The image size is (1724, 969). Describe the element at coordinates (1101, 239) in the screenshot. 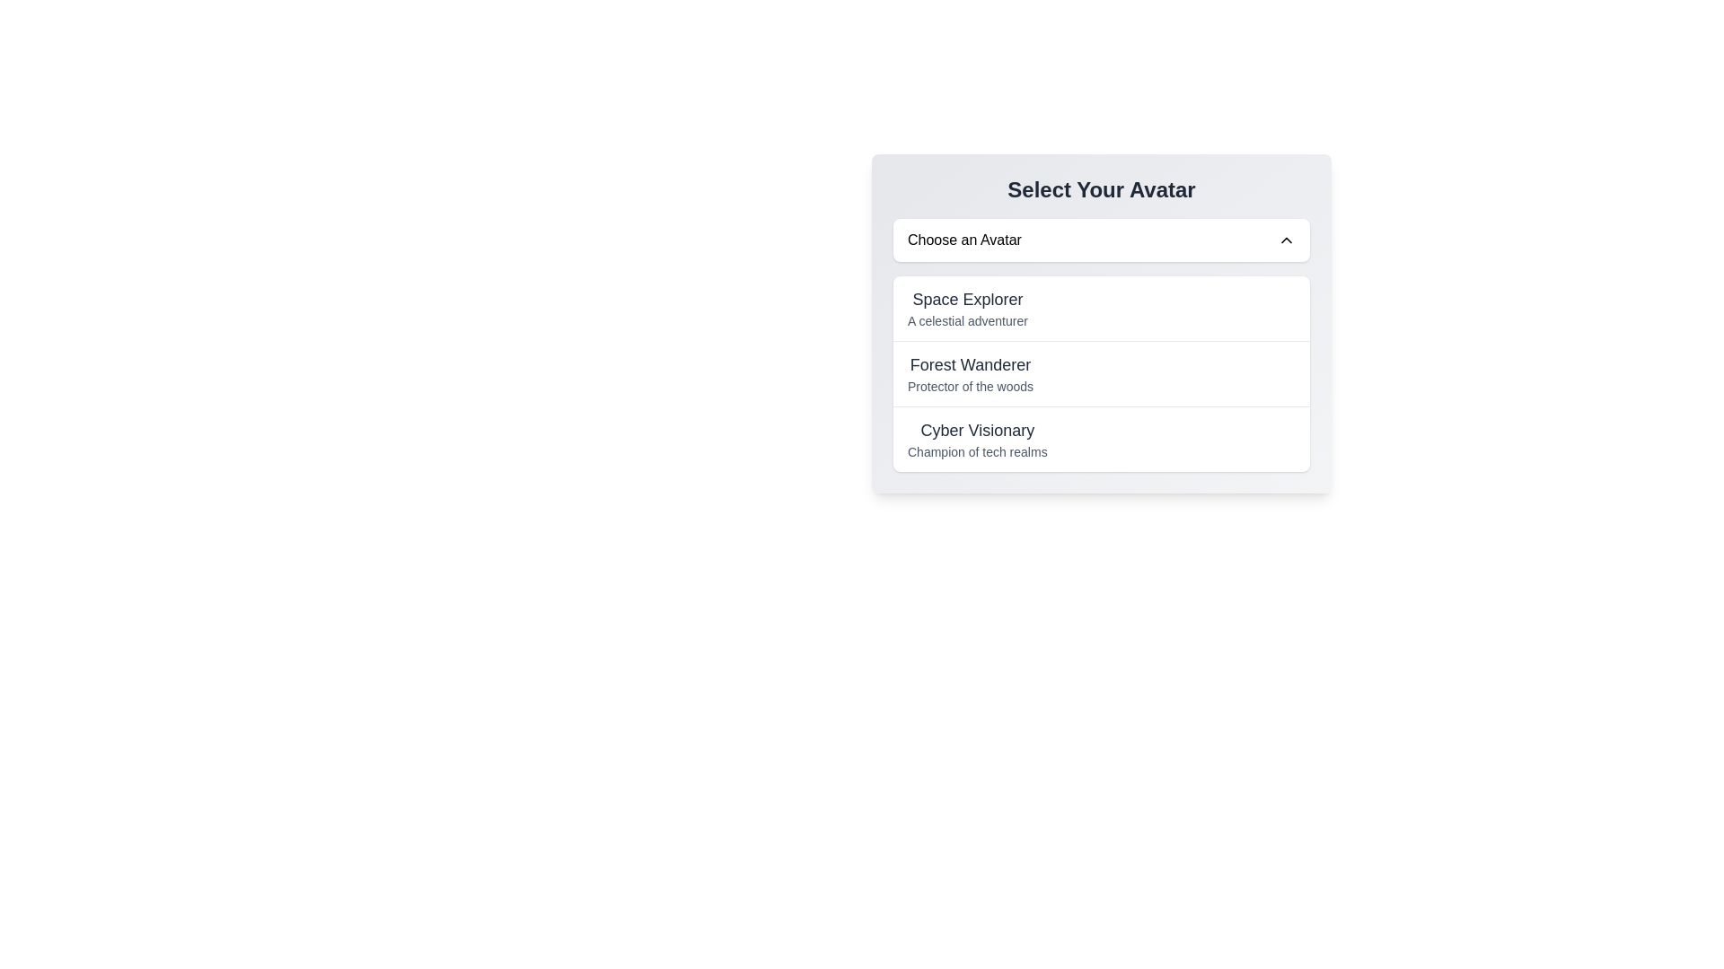

I see `the Dropdown toggle labeled 'Choose an Avatar'` at that location.